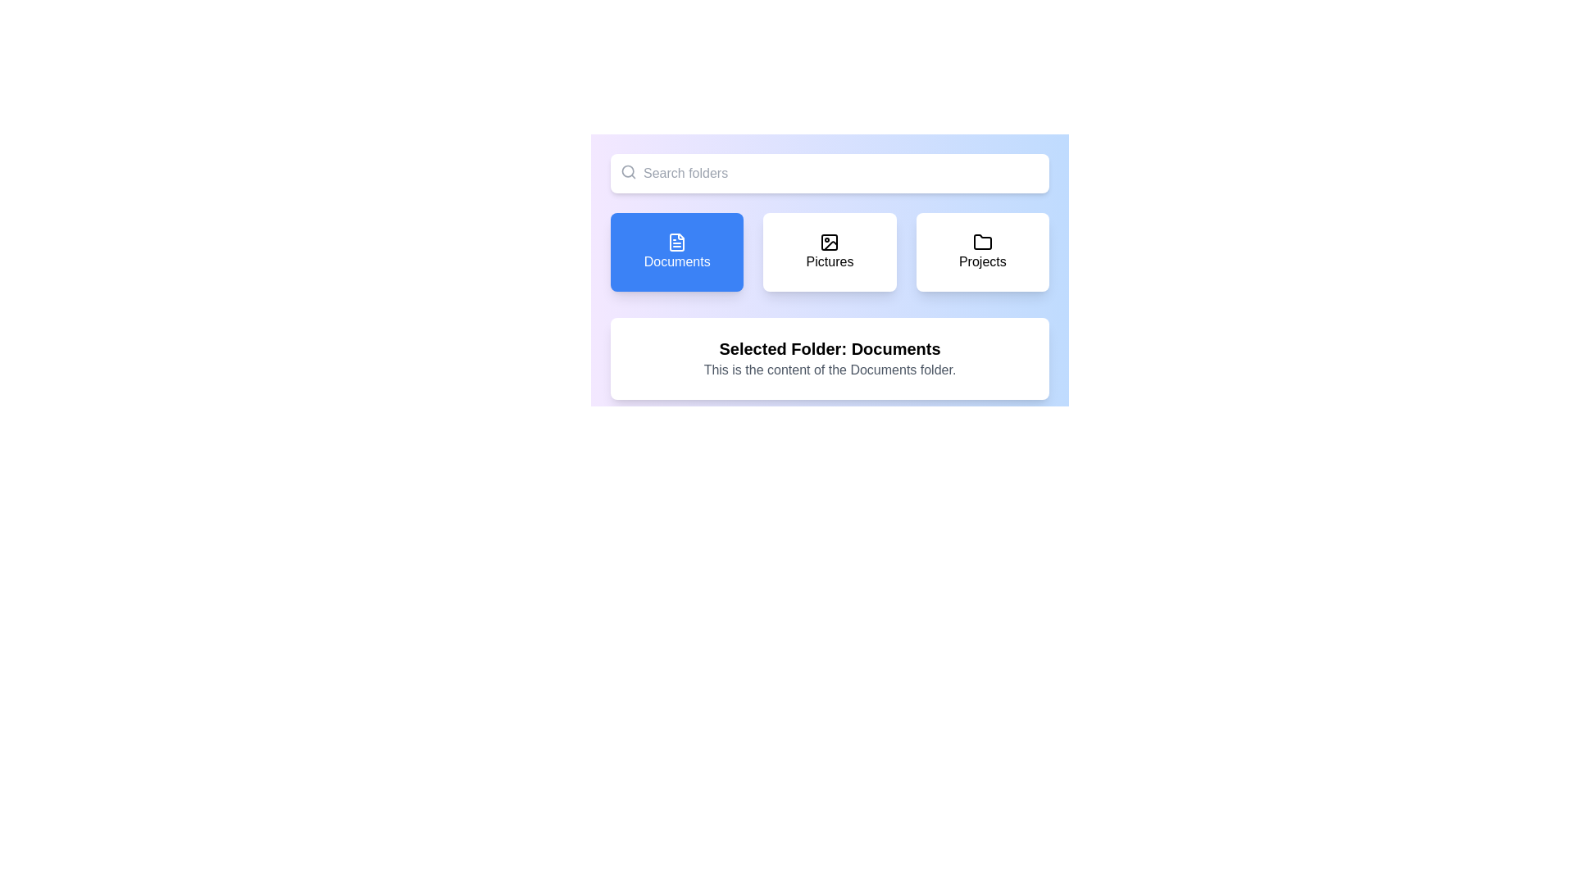 The width and height of the screenshot is (1574, 885). Describe the element at coordinates (830, 252) in the screenshot. I see `the tile labeled 'Pictures' in the section containing three selectable tiles: 'Documents', 'Pictures', and 'Projects'` at that location.